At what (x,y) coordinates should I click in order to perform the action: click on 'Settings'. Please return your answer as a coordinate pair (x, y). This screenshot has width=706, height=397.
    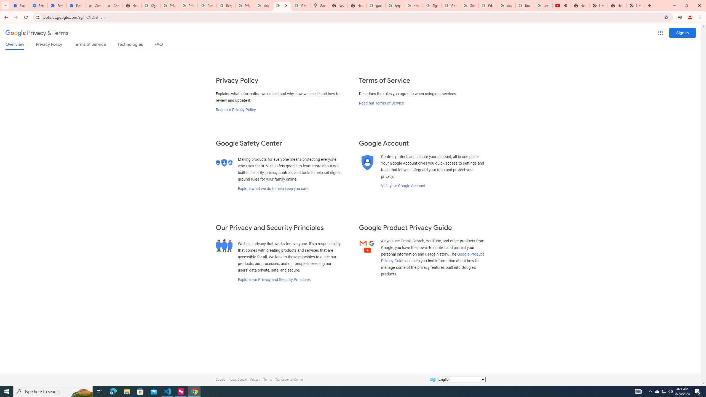
    Looking at the image, I should click on (38, 5).